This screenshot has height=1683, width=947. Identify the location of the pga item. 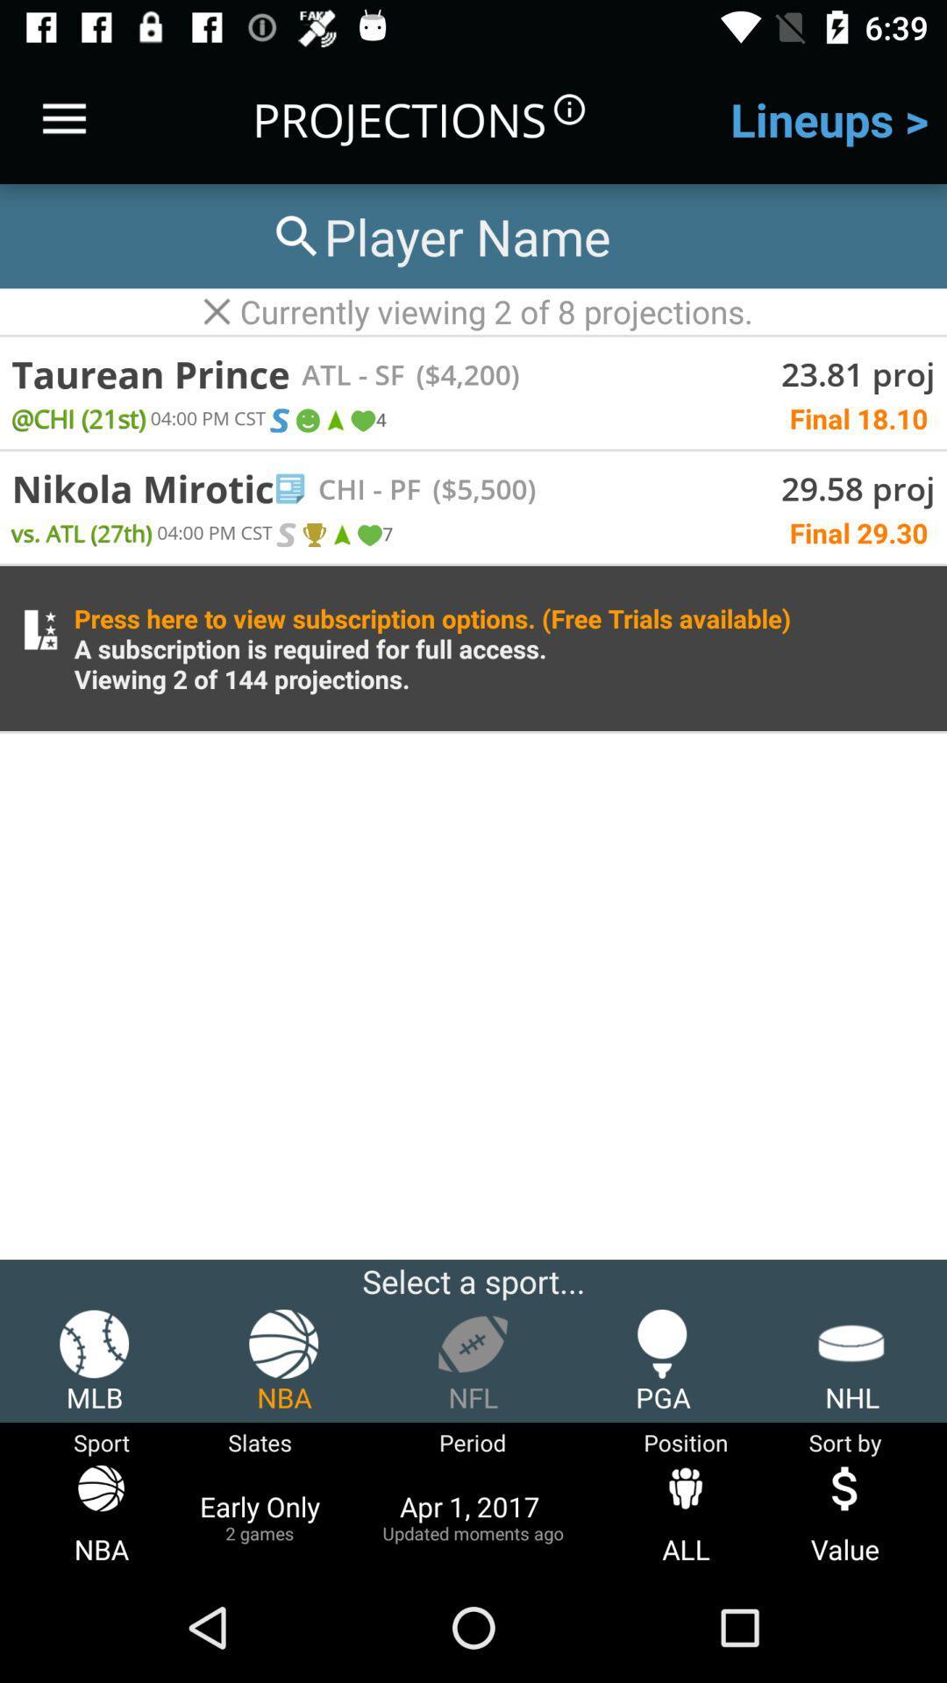
(663, 1361).